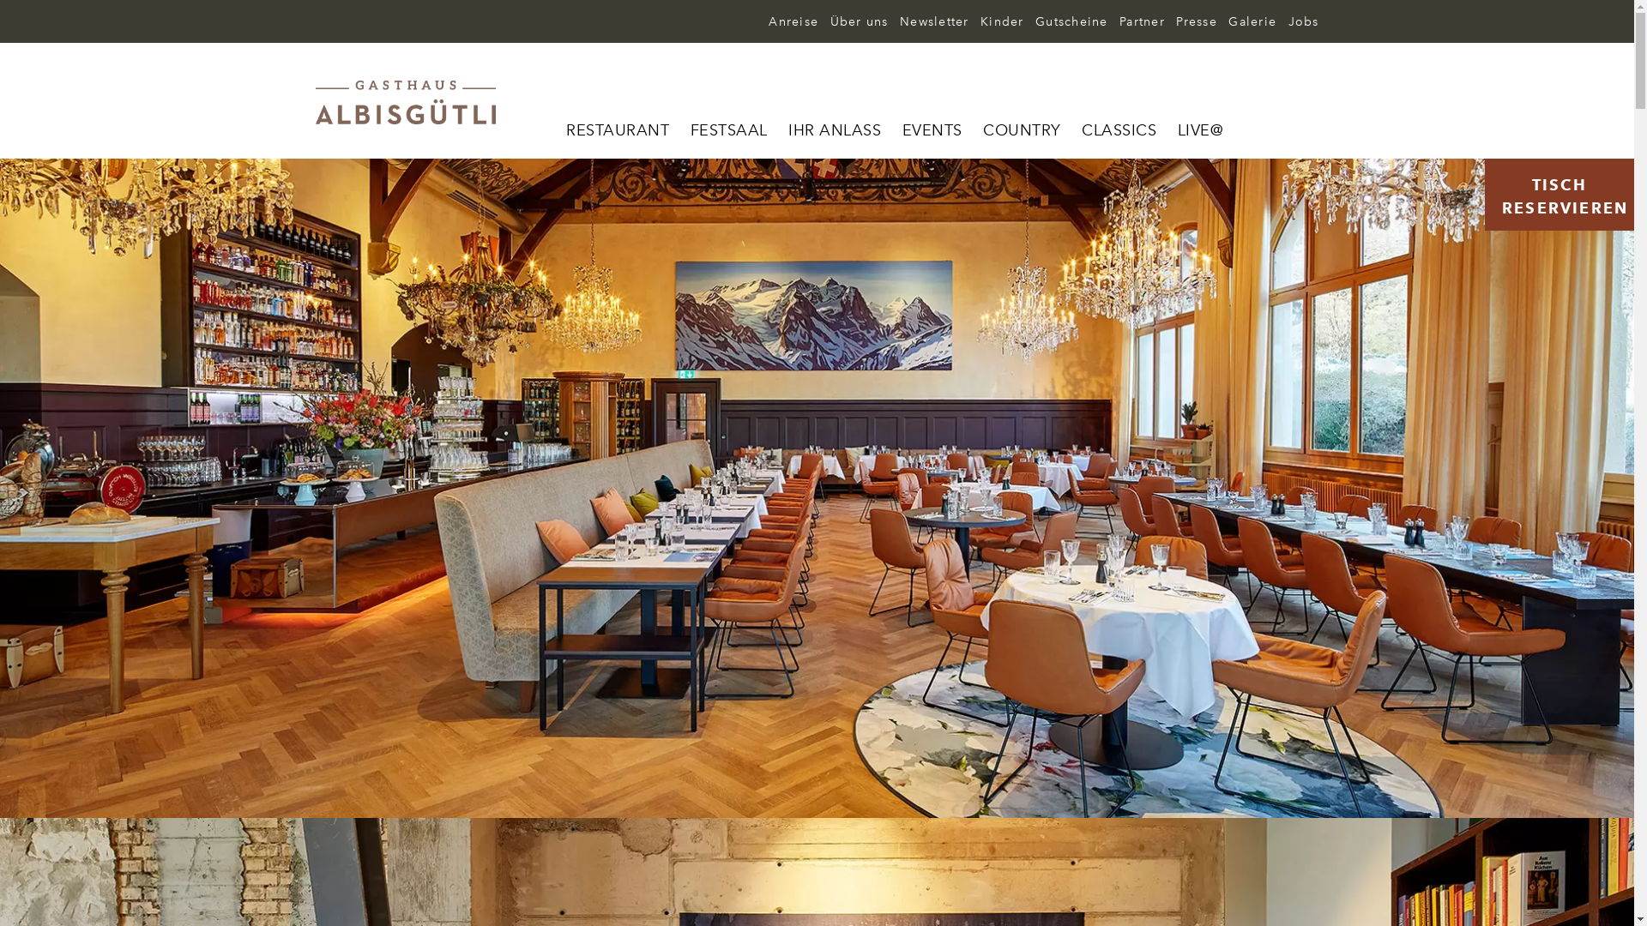  Describe the element at coordinates (728, 131) in the screenshot. I see `'FESTSAAL'` at that location.